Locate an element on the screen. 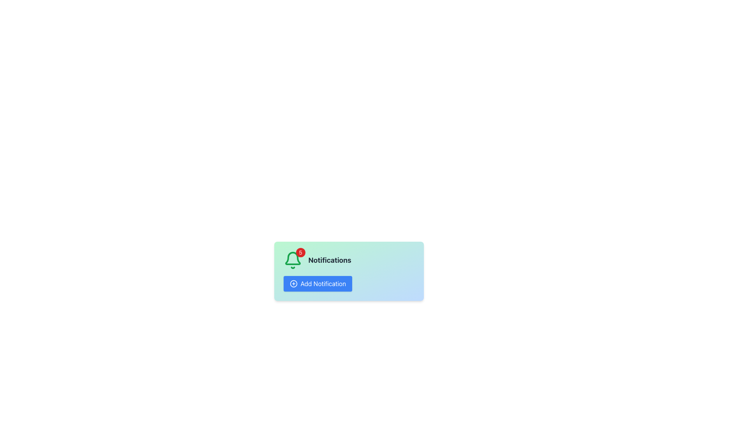 The height and width of the screenshot is (421, 748). the 'Add Notification' button located in the lower section of the card, directly beneath the 'Notifications' text and icon group, to observe a styling change is located at coordinates (318, 284).